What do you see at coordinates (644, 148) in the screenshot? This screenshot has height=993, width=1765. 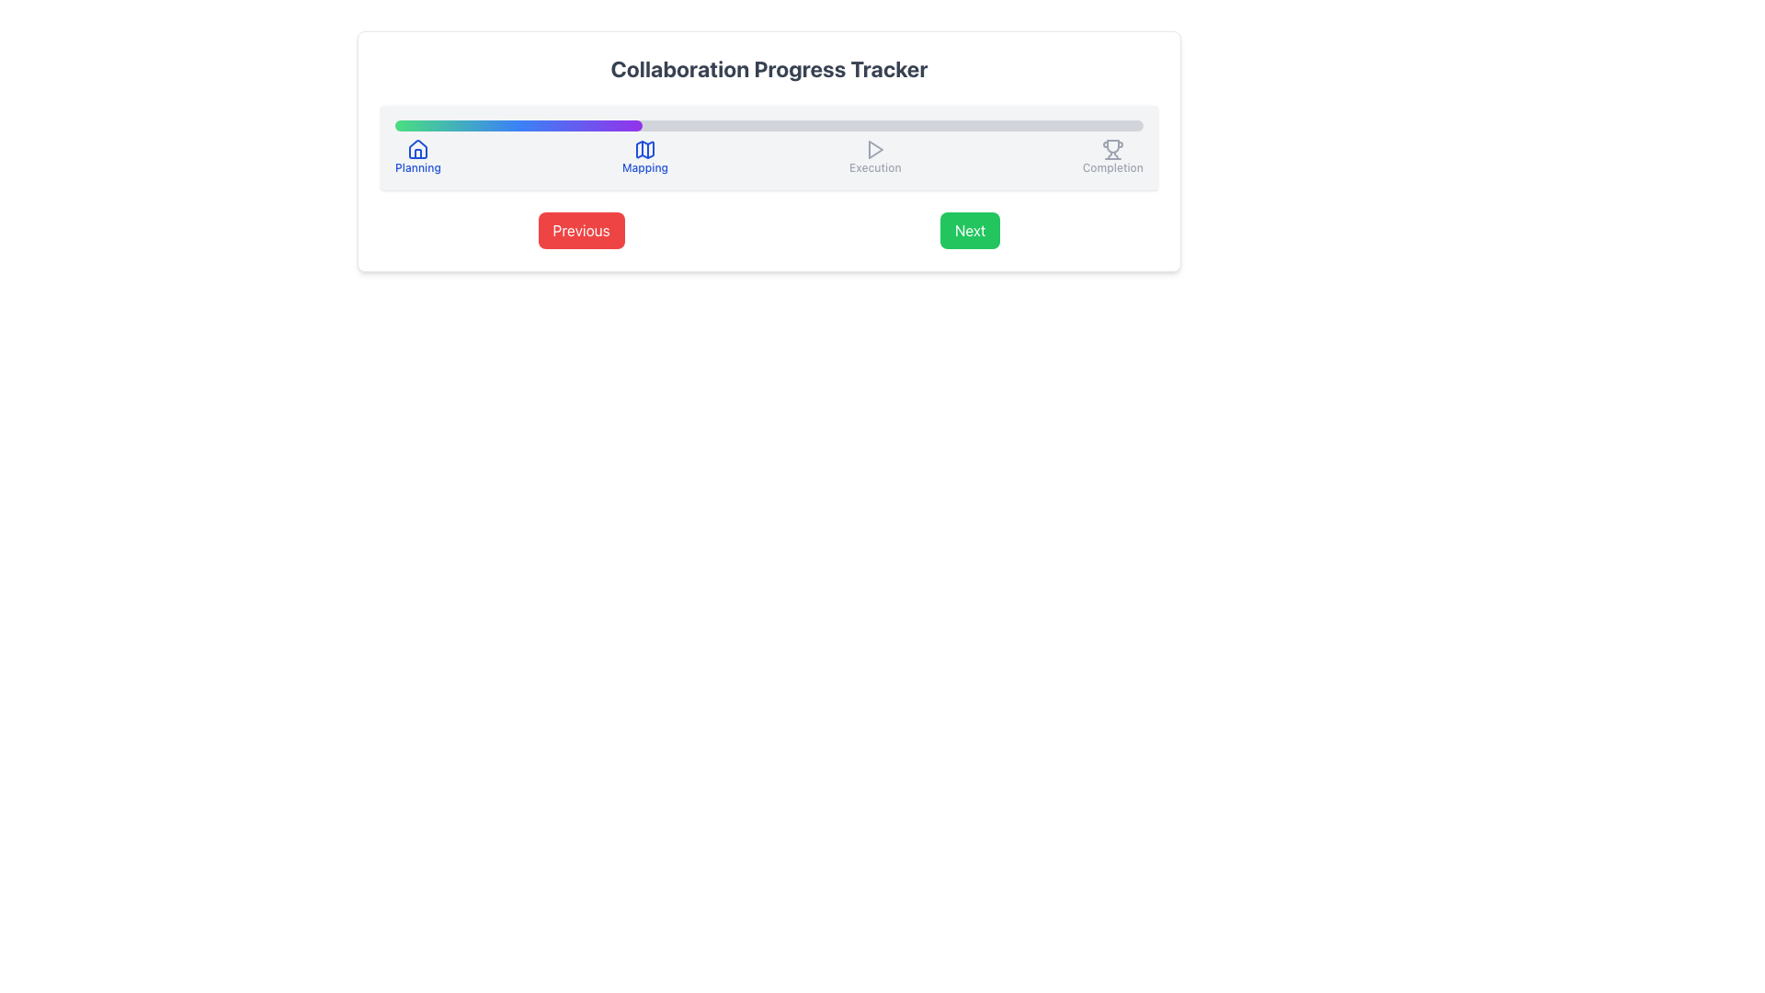 I see `the Iconographic Representation for the 'Mapping' stage in the progress tracker, which is the second icon from the left` at bounding box center [644, 148].